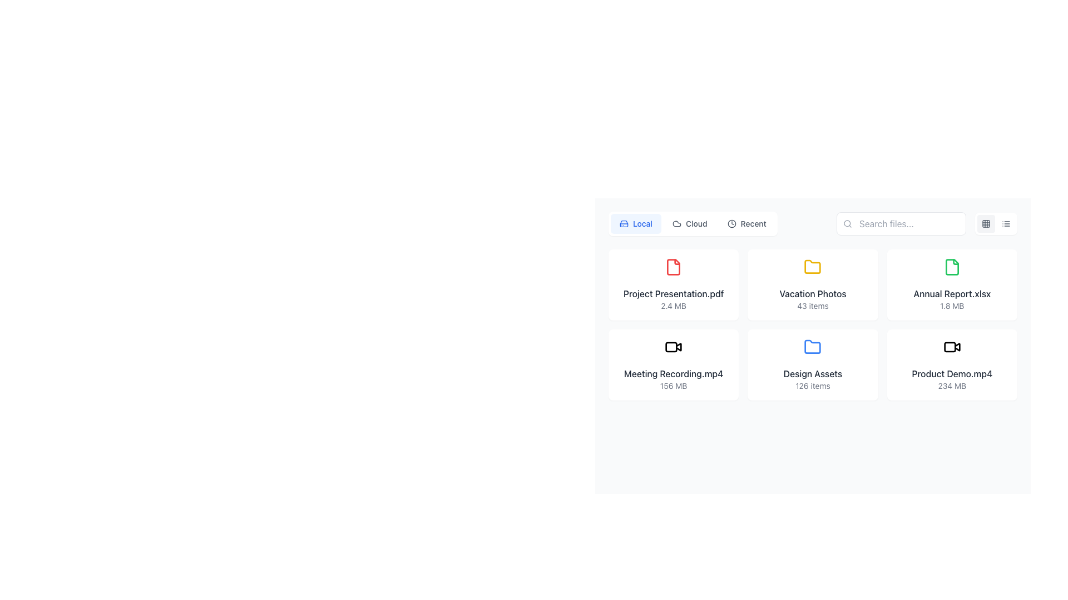 The image size is (1068, 600). Describe the element at coordinates (813, 293) in the screenshot. I see `the 'Vacation Photos' text label, which is centrally positioned` at that location.